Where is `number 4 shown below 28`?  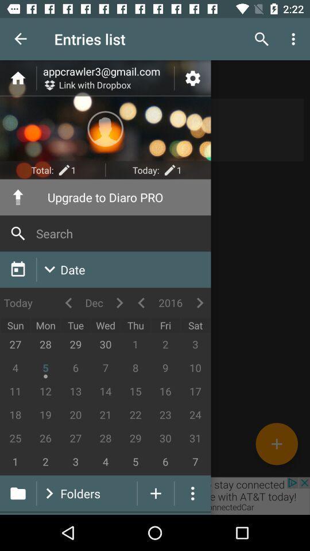 number 4 shown below 28 is located at coordinates (106, 462).